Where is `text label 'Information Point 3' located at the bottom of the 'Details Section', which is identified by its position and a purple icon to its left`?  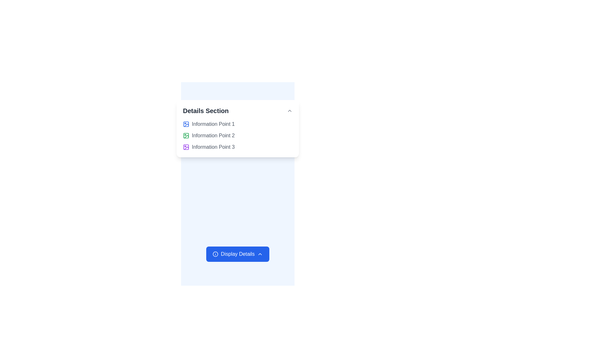 text label 'Information Point 3' located at the bottom of the 'Details Section', which is identified by its position and a purple icon to its left is located at coordinates (213, 147).